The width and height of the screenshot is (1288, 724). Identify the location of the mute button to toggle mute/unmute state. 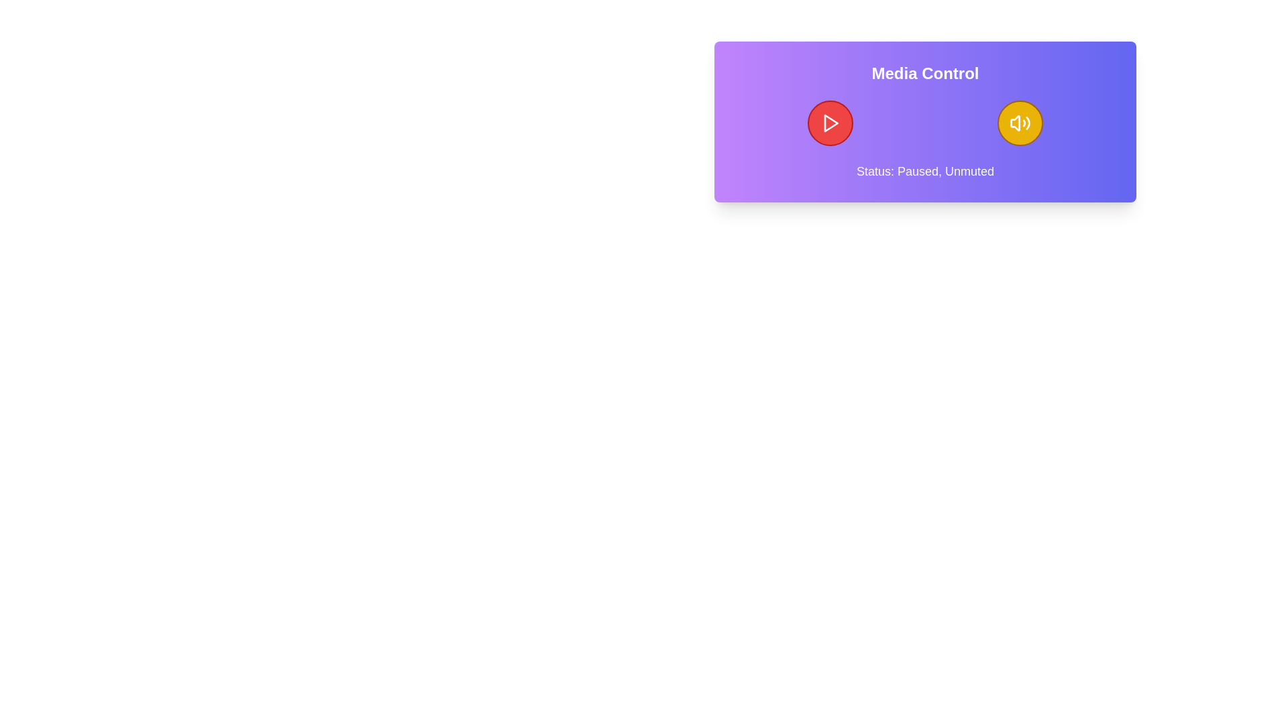
(1020, 123).